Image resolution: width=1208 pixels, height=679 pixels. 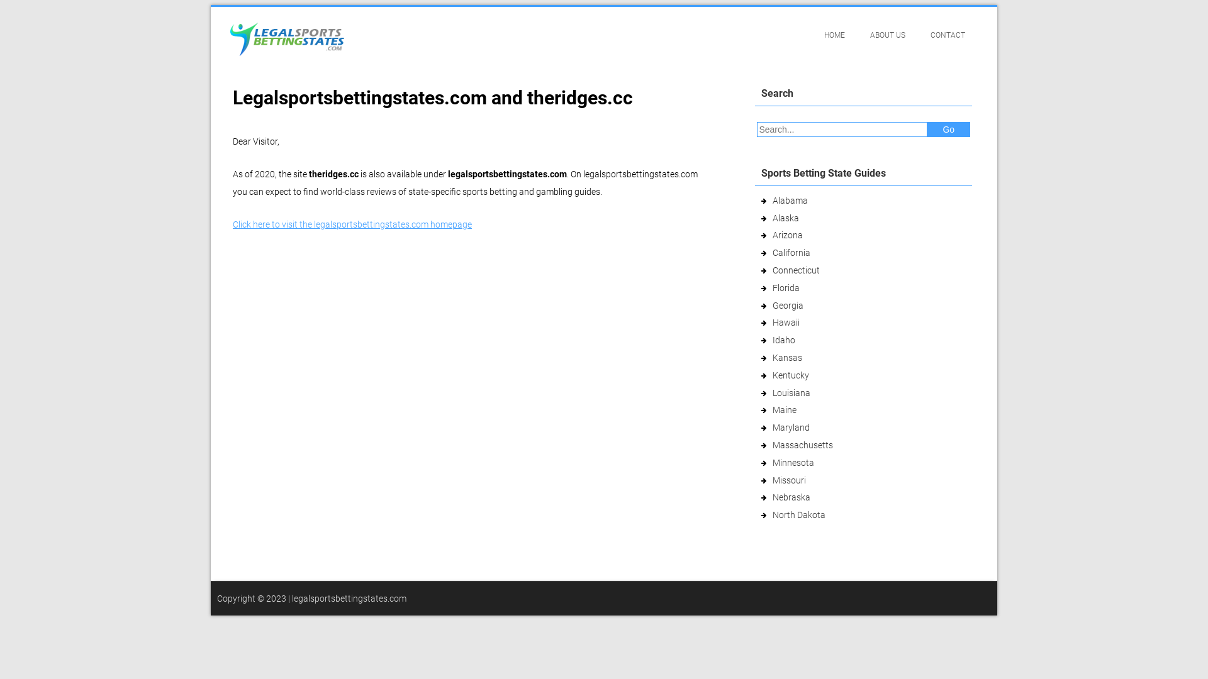 I want to click on 'Florida', so click(x=785, y=288).